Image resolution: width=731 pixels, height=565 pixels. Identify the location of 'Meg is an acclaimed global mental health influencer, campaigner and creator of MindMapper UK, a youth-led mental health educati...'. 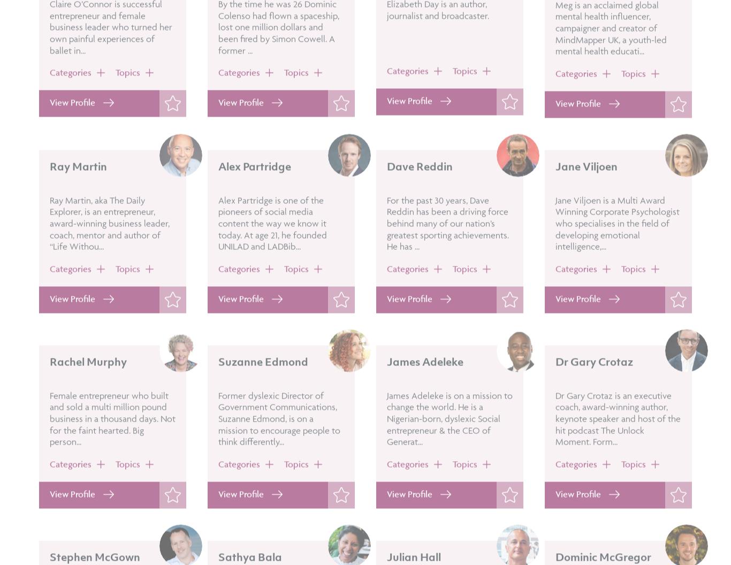
(611, 57).